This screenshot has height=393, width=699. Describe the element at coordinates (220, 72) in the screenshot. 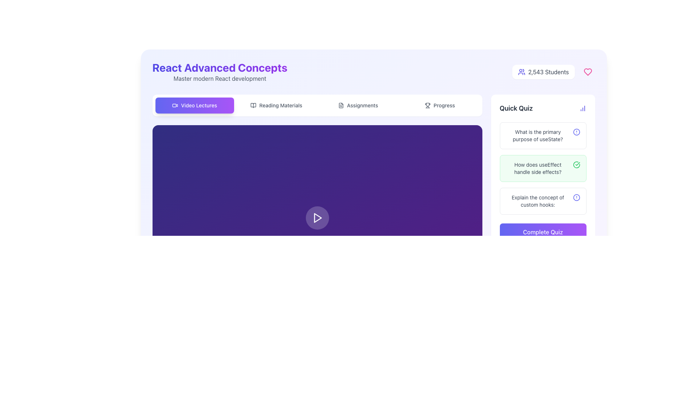

I see `the text block displaying 'React Advanced Concepts' and 'Master modern React development', which is located near the top-left side of the interface` at that location.